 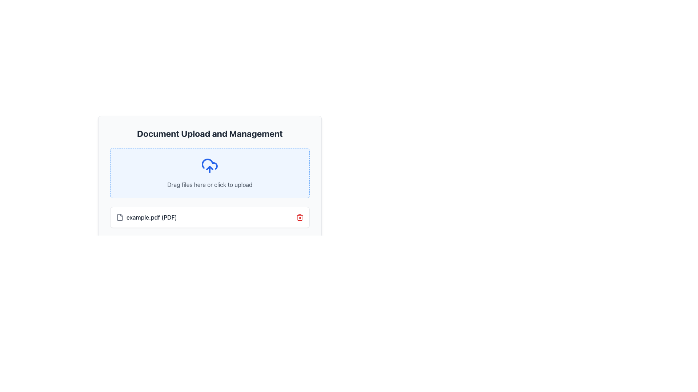 What do you see at coordinates (209, 166) in the screenshot?
I see `the upload icon located at the center of the blue-bordered drag-and-drop upload area in the Document Upload and Management interface, above the text 'Drag files here or click to upload'` at bounding box center [209, 166].